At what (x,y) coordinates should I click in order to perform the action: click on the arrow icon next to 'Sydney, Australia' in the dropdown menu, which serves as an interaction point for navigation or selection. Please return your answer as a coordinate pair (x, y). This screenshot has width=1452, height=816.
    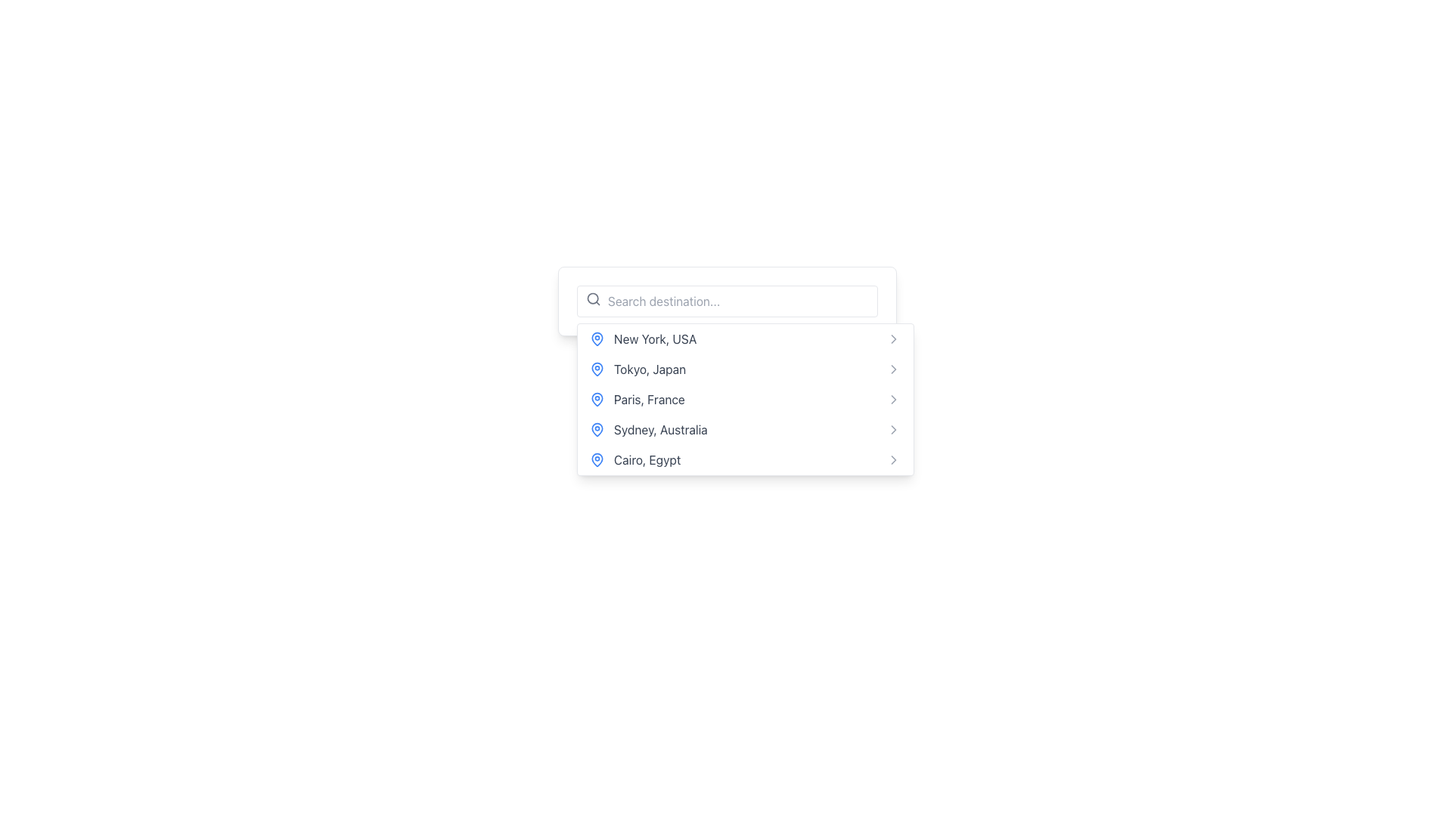
    Looking at the image, I should click on (893, 430).